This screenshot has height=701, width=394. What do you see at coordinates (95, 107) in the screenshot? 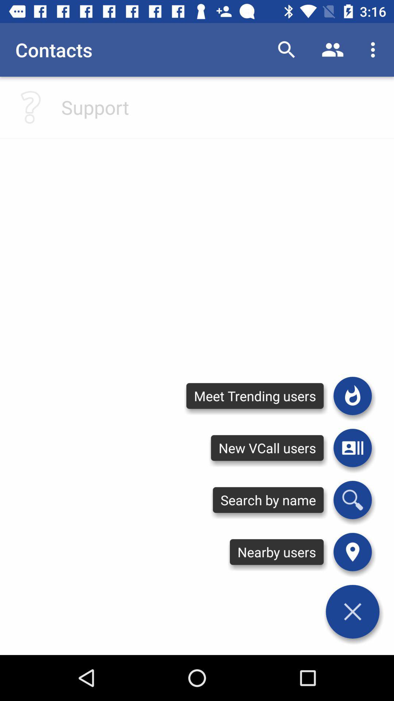
I see `support app` at bounding box center [95, 107].